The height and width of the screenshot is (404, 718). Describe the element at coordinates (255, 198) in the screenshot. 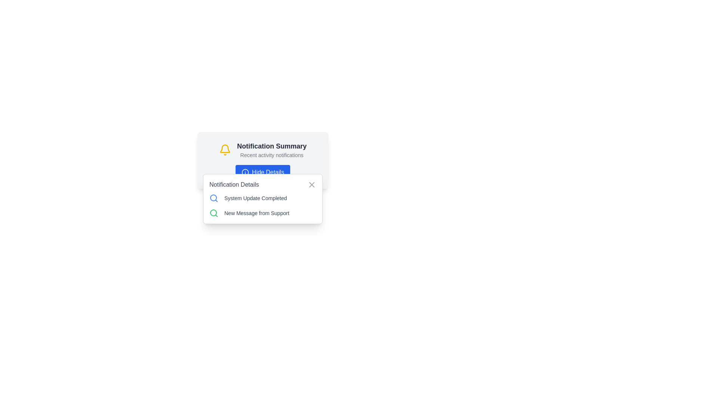

I see `the text label displaying 'System Update Completed' located in the 'Notification Details' section of the notification pop-up dialog box, to the right of the magnifying glass icon` at that location.